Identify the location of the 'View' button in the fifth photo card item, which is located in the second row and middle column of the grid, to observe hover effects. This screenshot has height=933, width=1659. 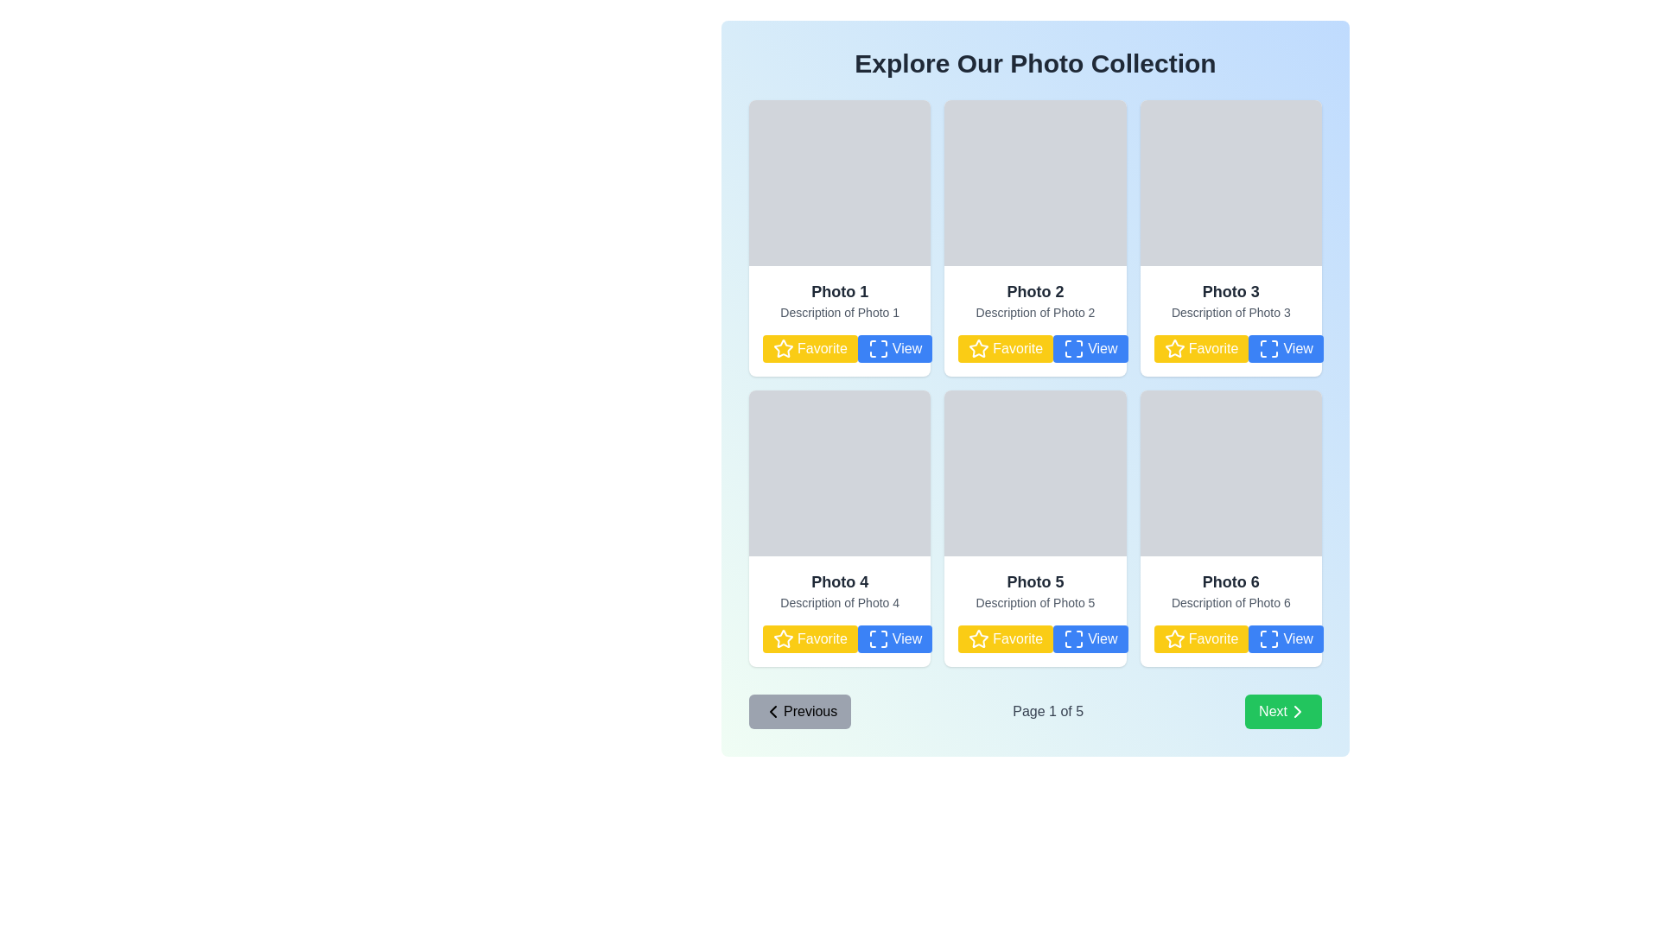
(1090, 639).